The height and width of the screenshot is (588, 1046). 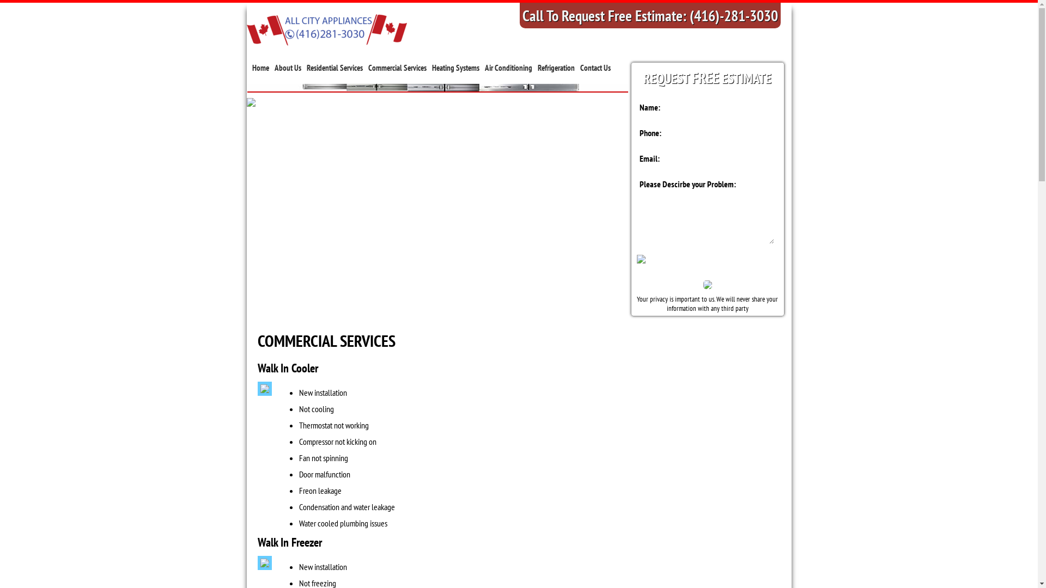 What do you see at coordinates (508, 68) in the screenshot?
I see `'Air Conditioning'` at bounding box center [508, 68].